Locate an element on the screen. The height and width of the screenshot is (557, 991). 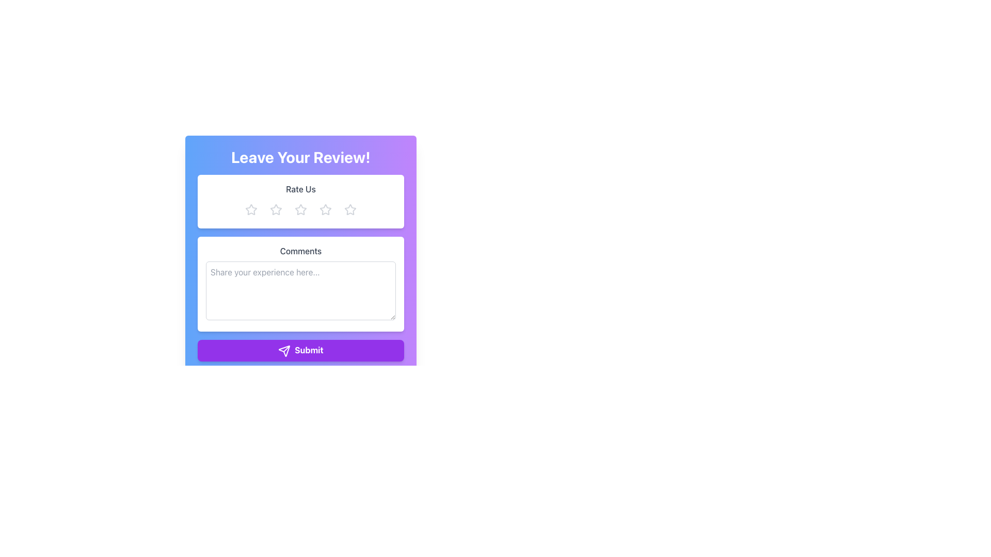
the first circular button featuring a gray star icon in the 'Rate Us' section is located at coordinates (251, 209).